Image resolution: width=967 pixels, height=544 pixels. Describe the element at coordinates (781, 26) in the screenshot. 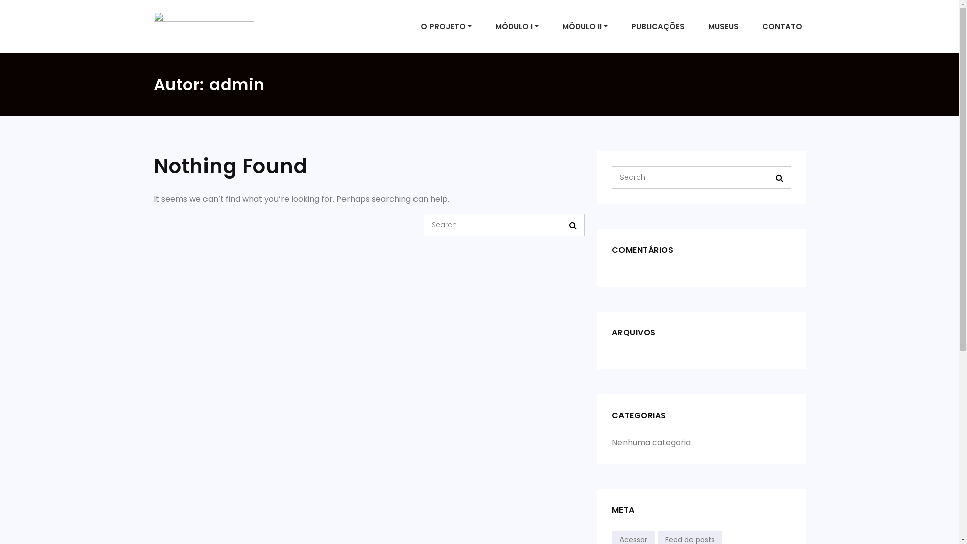

I see `'CONTATO'` at that location.